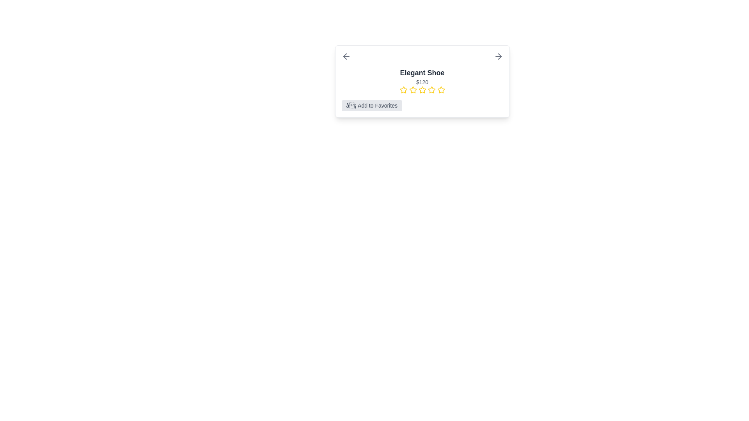  Describe the element at coordinates (422, 89) in the screenshot. I see `the third star-shaped icon in the rating interface to rate it, which is located below the text 'Elegant Shoe' and '$120' within a card-like interface` at that location.